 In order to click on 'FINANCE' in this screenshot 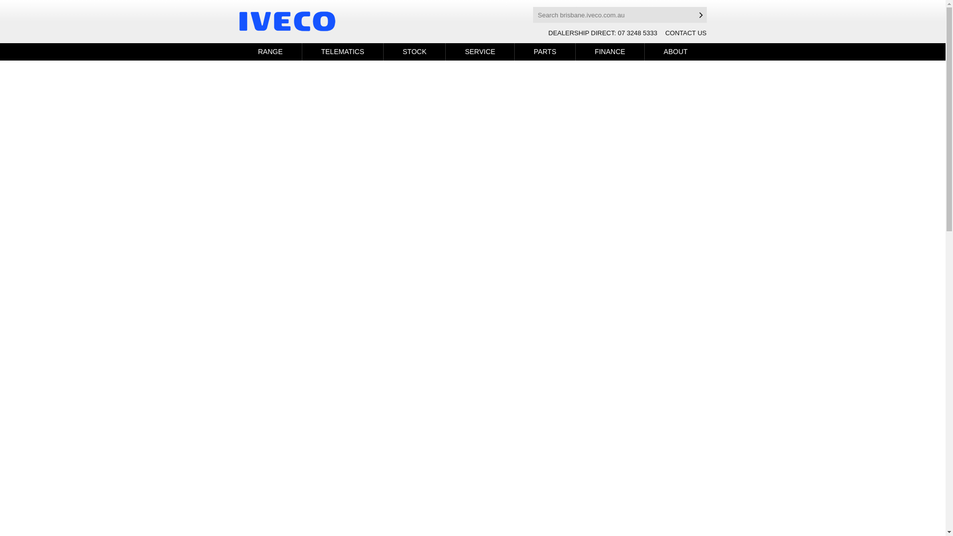, I will do `click(609, 52)`.